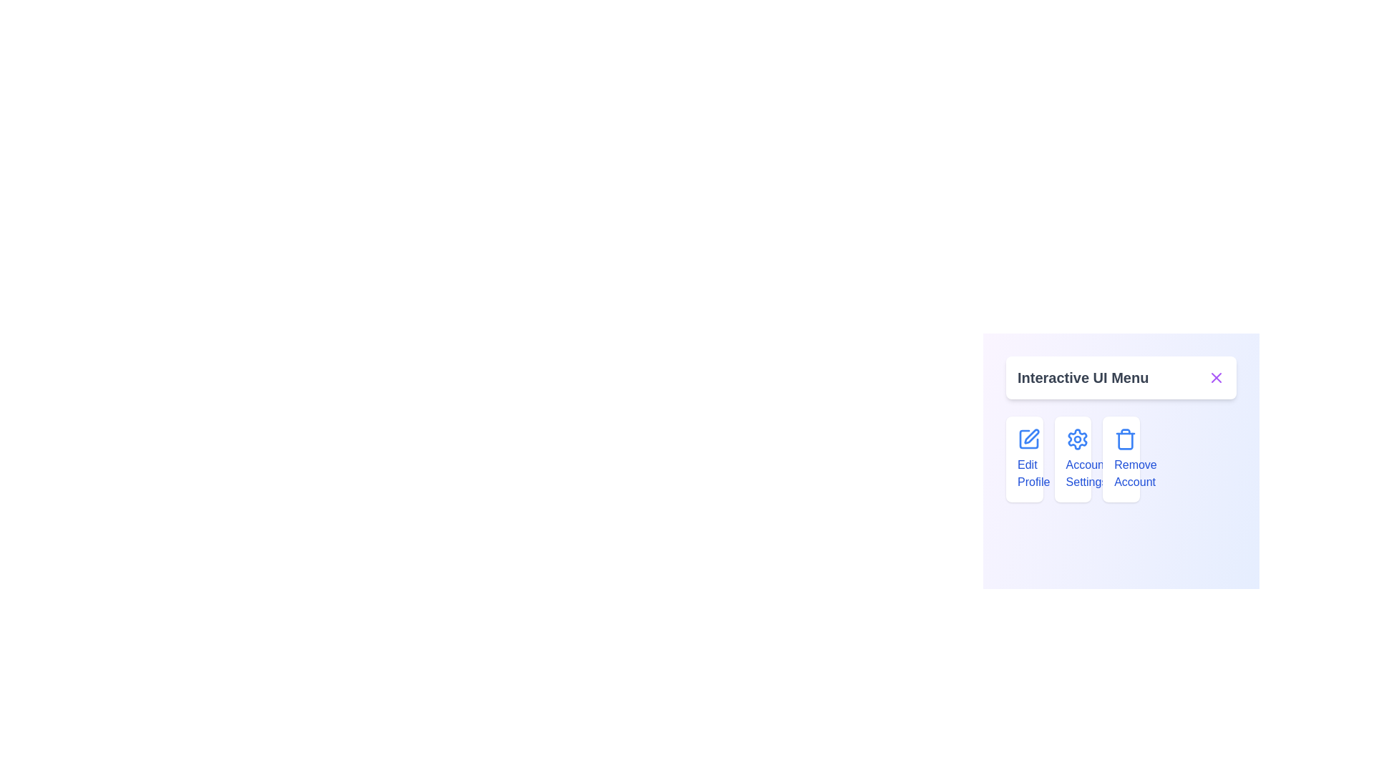 The height and width of the screenshot is (773, 1374). I want to click on the menu item labeled Remove Account to observe its hover effect, so click(1120, 459).